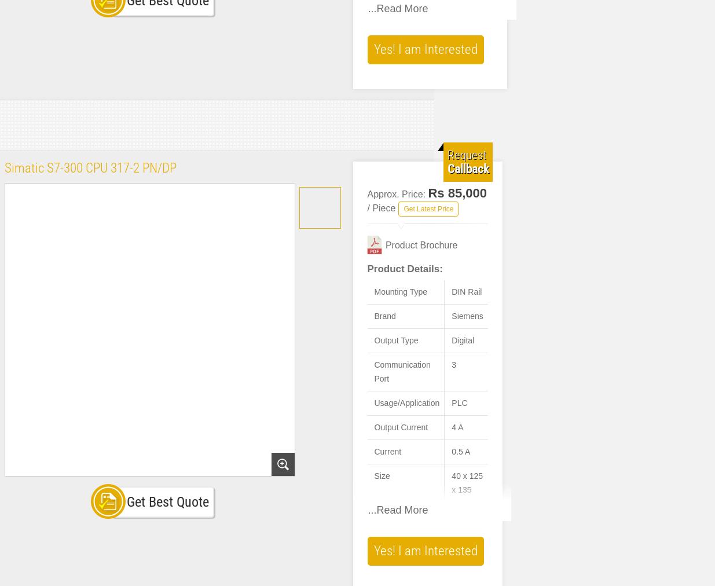  I want to click on 'Approx. Price:', so click(367, 193).